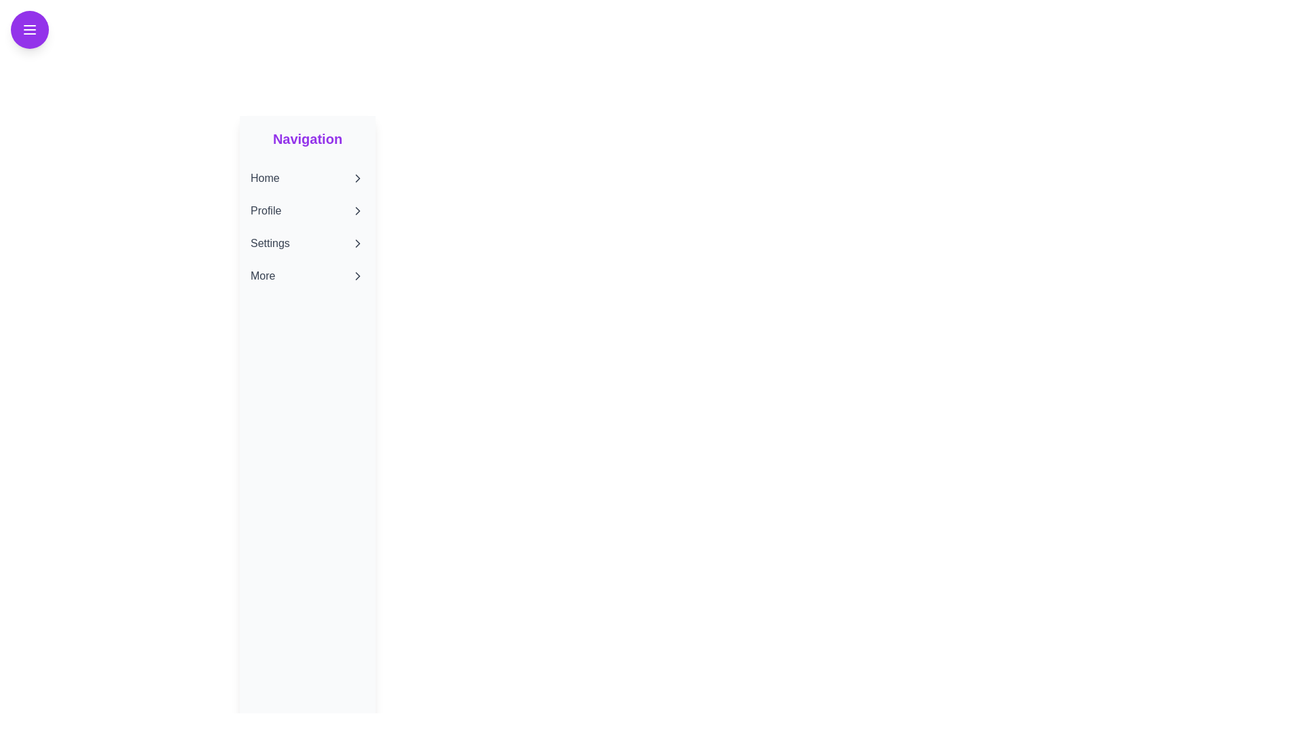 The image size is (1304, 733). I want to click on the navigation menu item More, so click(306, 276).